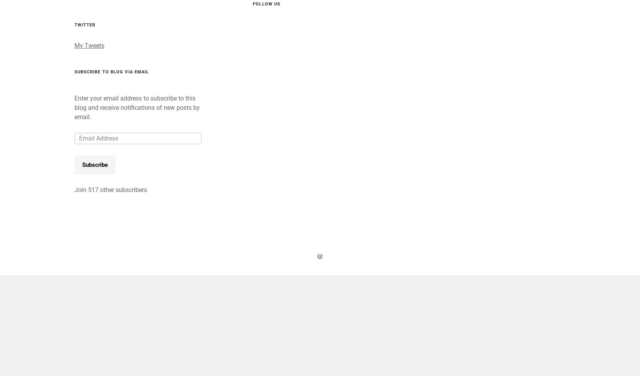 This screenshot has width=640, height=376. I want to click on 'Sweat, Mud & Show Gardens Part 2…', so click(310, 47).